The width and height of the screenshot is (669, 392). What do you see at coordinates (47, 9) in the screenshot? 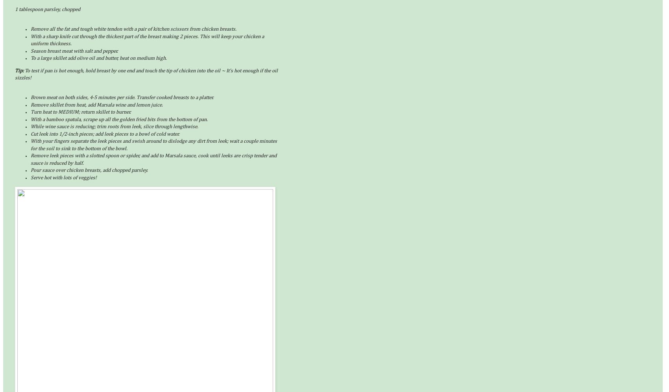
I see `'1 tablespoon parsley, chopped'` at bounding box center [47, 9].